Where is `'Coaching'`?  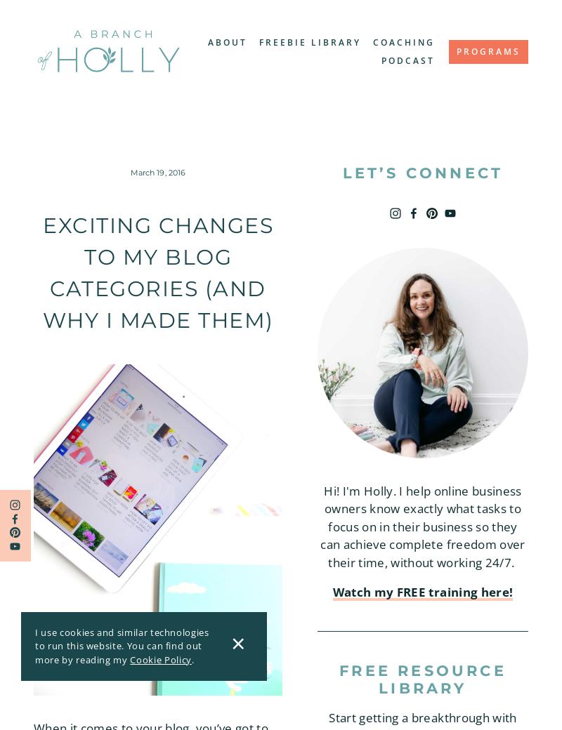
'Coaching' is located at coordinates (403, 41).